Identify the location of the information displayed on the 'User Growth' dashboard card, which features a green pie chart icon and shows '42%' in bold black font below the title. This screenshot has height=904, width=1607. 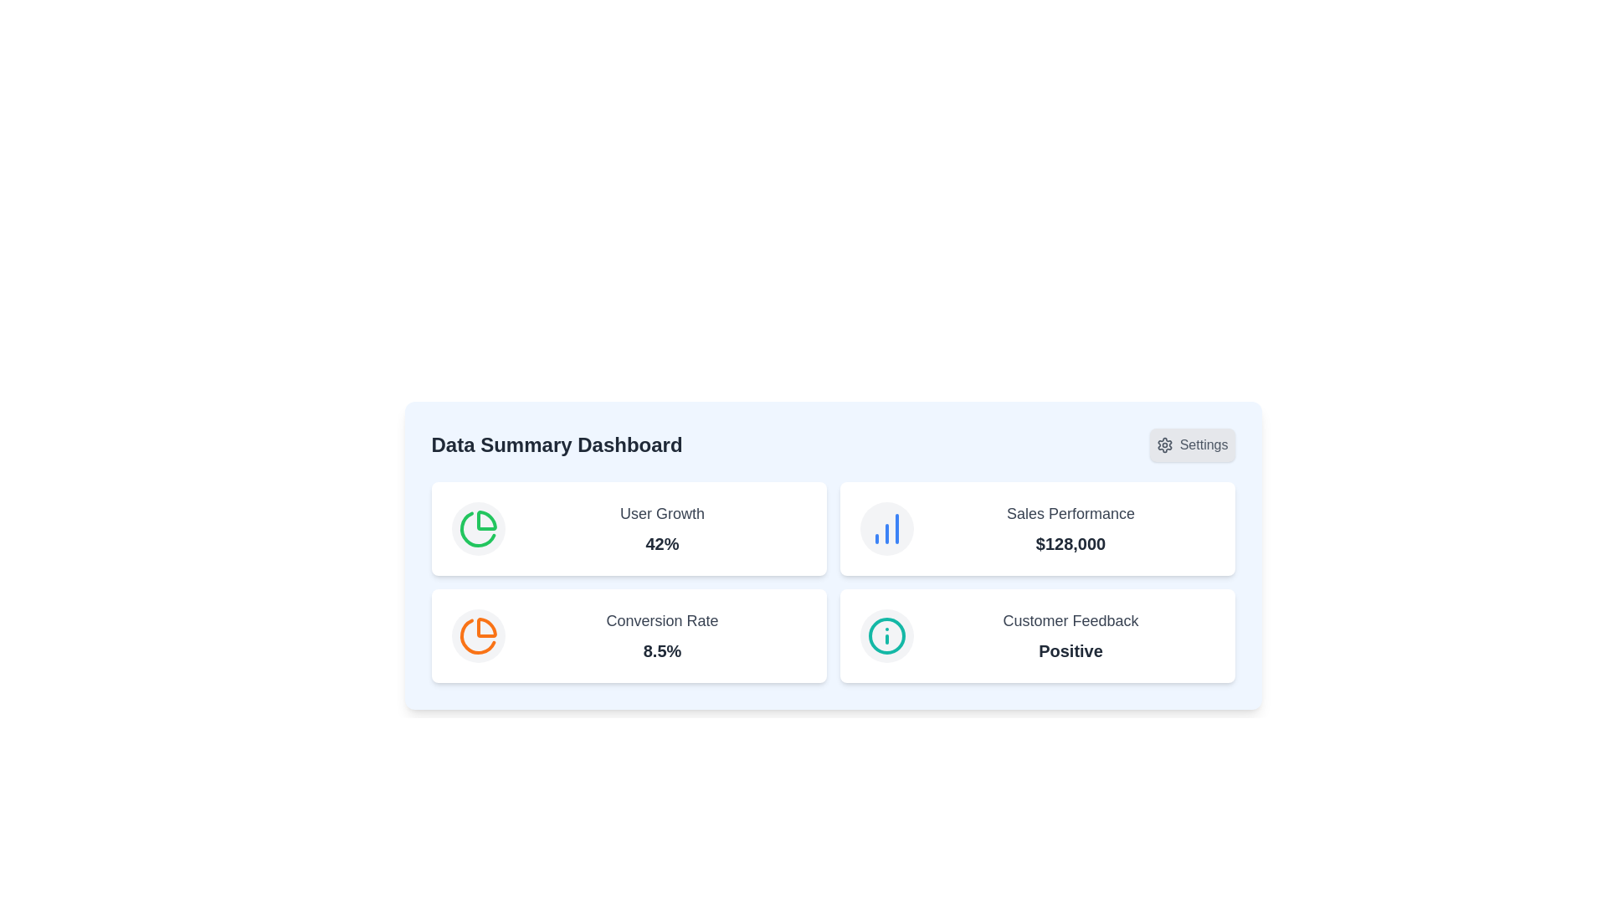
(628, 529).